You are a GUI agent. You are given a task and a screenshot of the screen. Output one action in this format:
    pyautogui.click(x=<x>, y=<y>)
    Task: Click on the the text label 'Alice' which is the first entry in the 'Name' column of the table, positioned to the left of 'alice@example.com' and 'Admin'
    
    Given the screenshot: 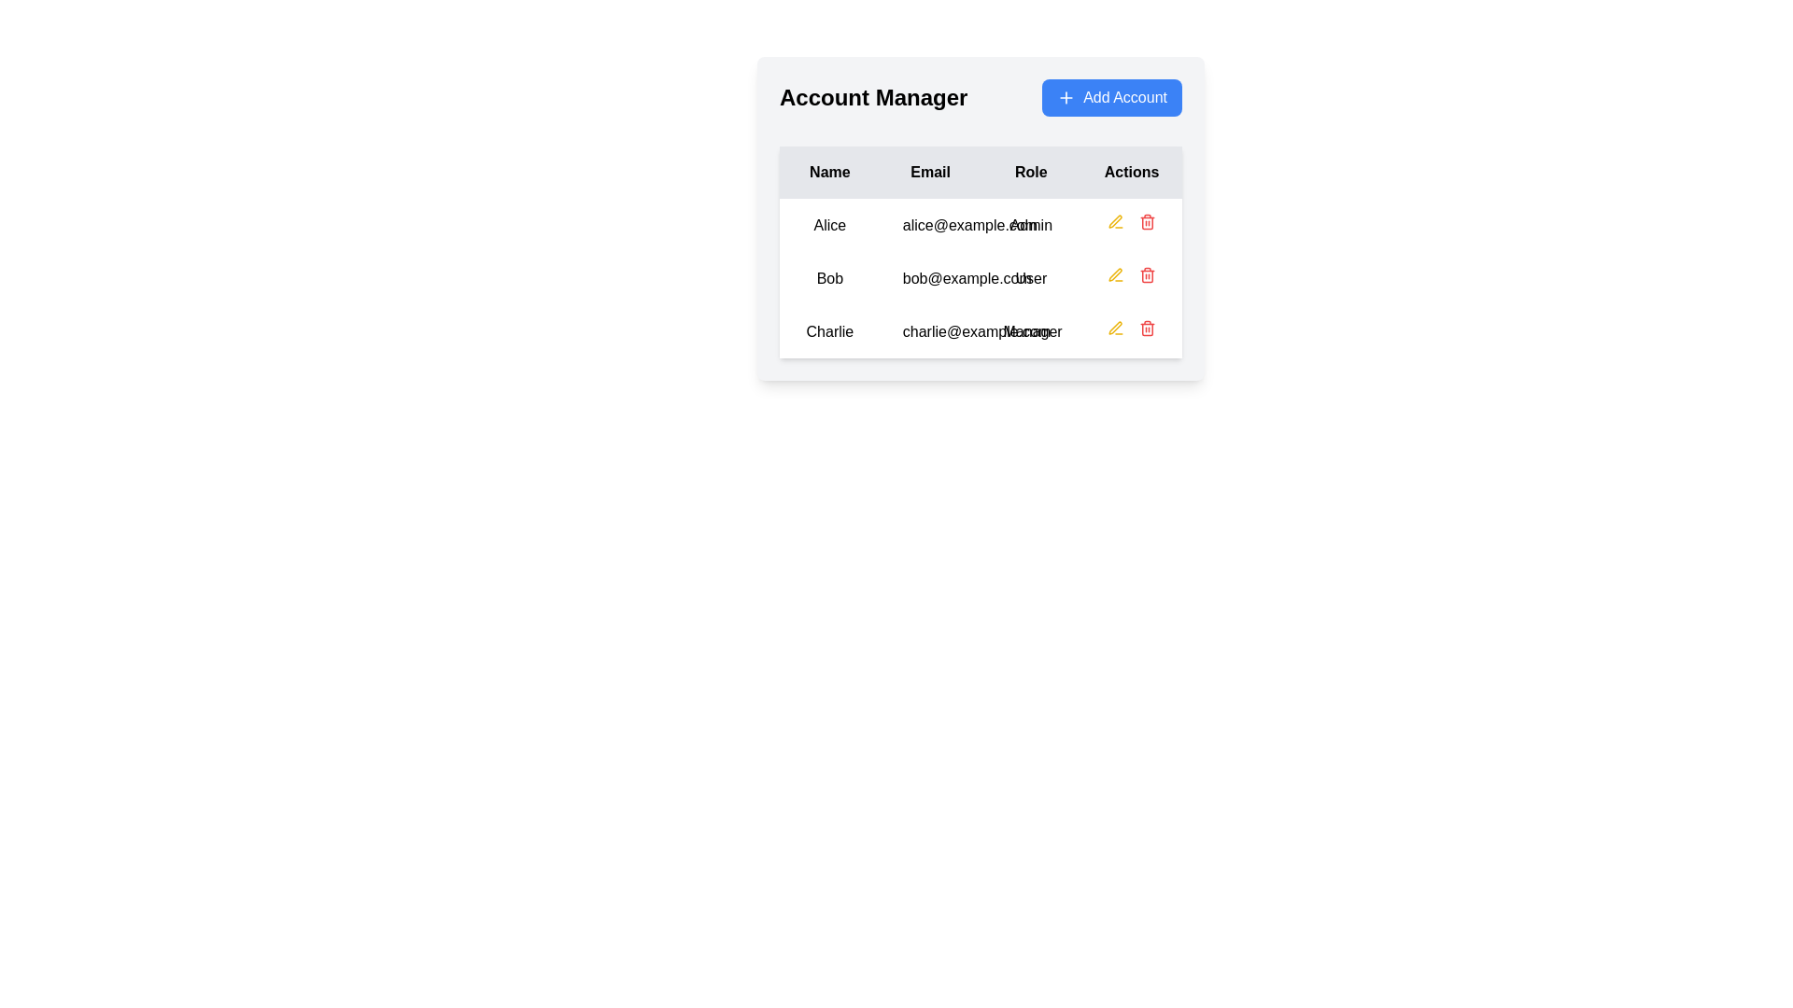 What is the action you would take?
    pyautogui.click(x=828, y=224)
    